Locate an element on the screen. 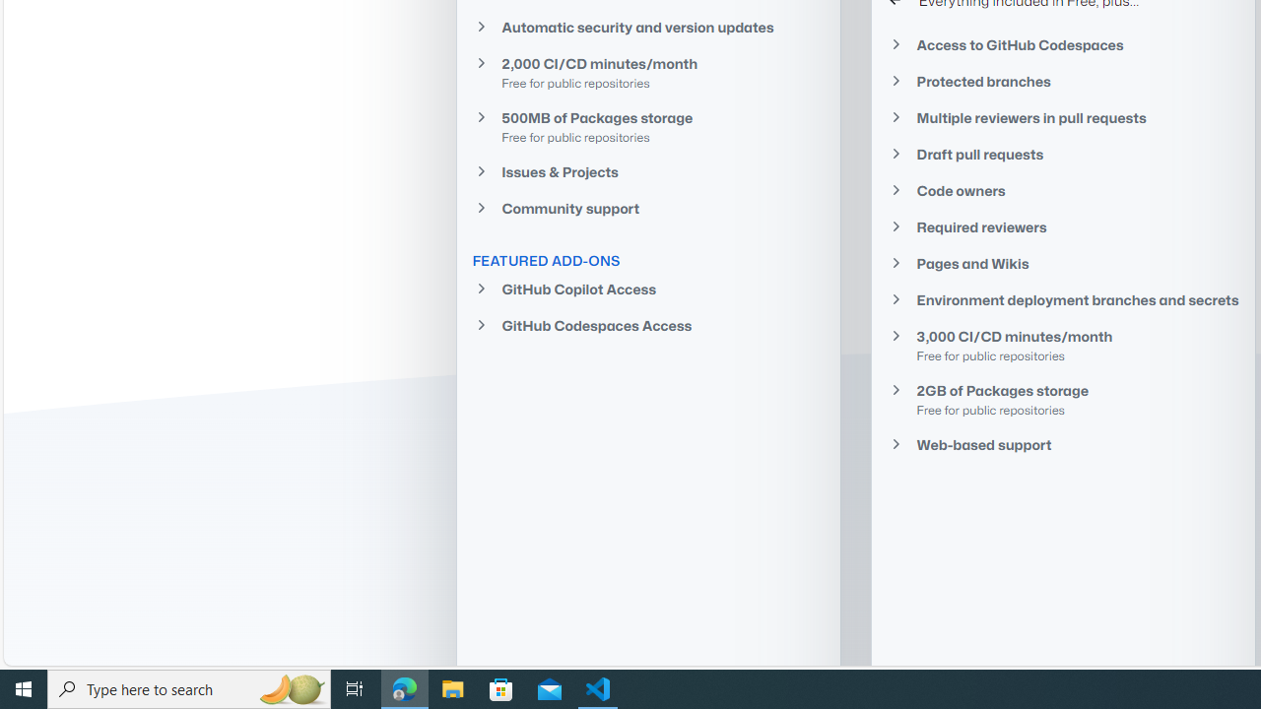  'Code owners' is located at coordinates (1062, 191).